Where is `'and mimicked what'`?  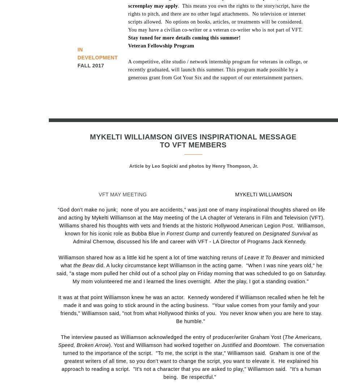 'and mimicked what' is located at coordinates (192, 261).